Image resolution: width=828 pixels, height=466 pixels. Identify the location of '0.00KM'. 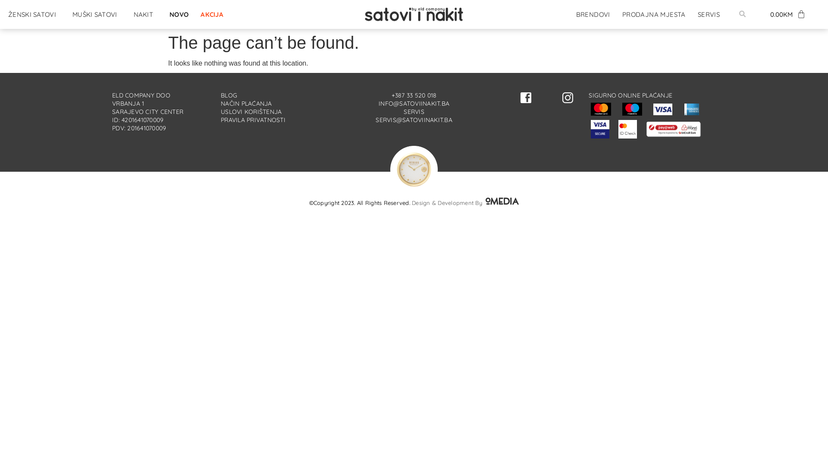
(788, 14).